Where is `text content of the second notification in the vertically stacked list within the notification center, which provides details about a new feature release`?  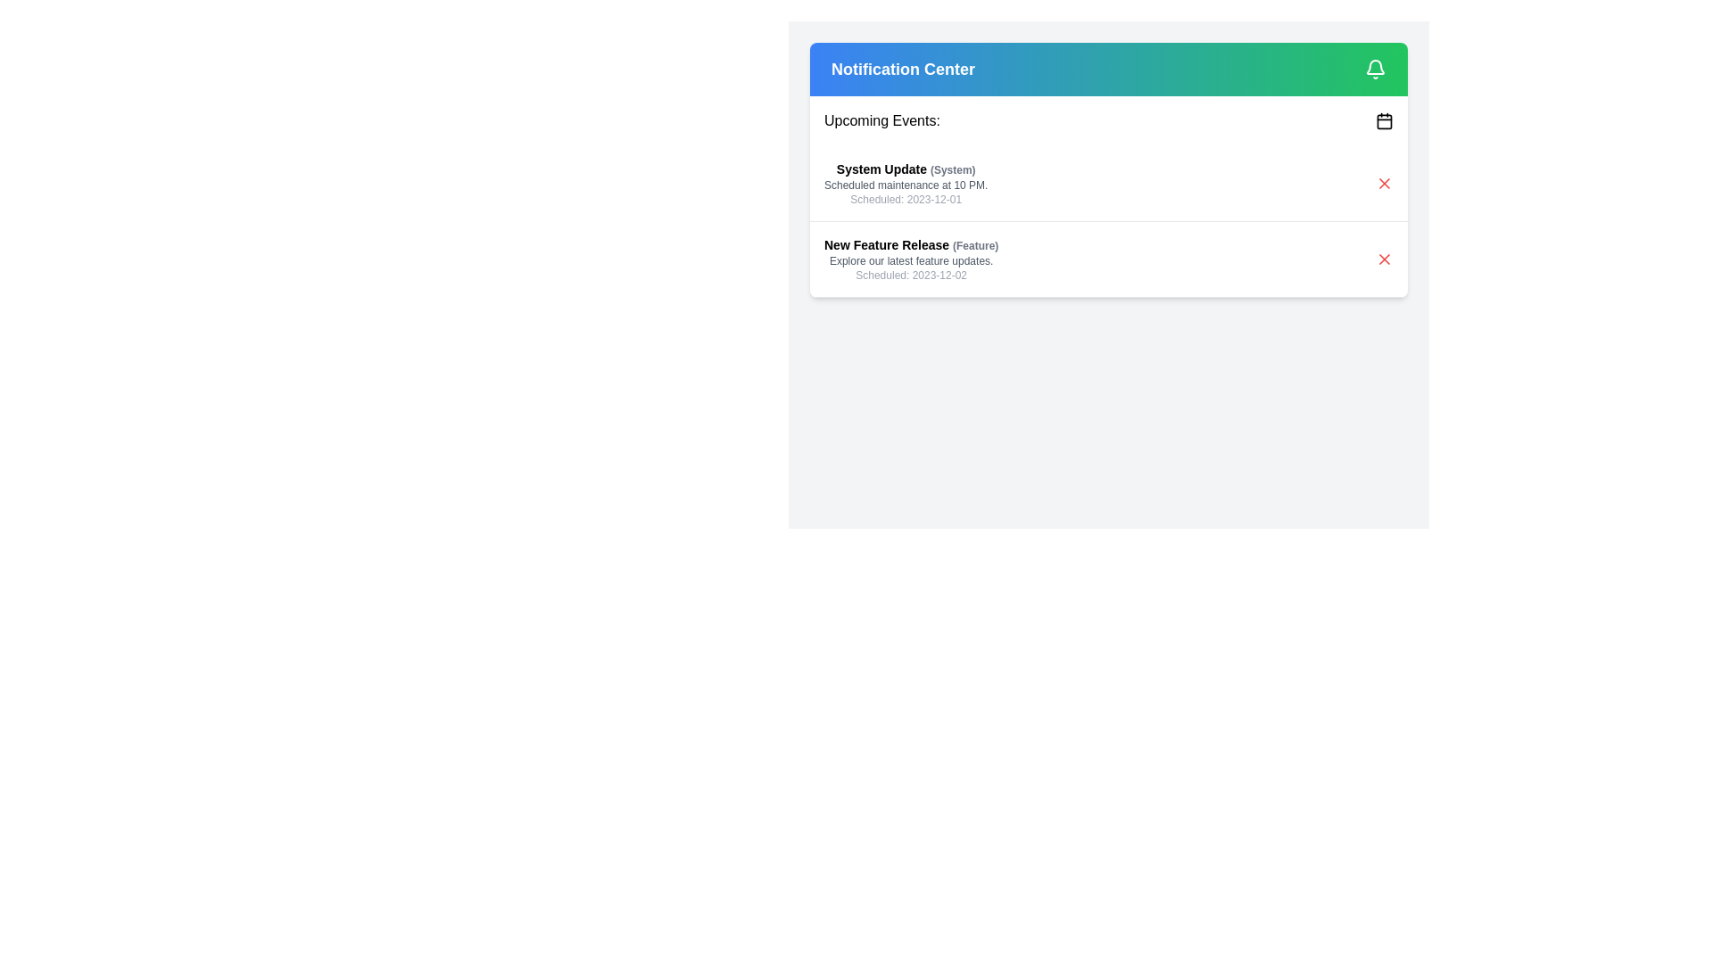
text content of the second notification in the vertically stacked list within the notification center, which provides details about a new feature release is located at coordinates (911, 259).